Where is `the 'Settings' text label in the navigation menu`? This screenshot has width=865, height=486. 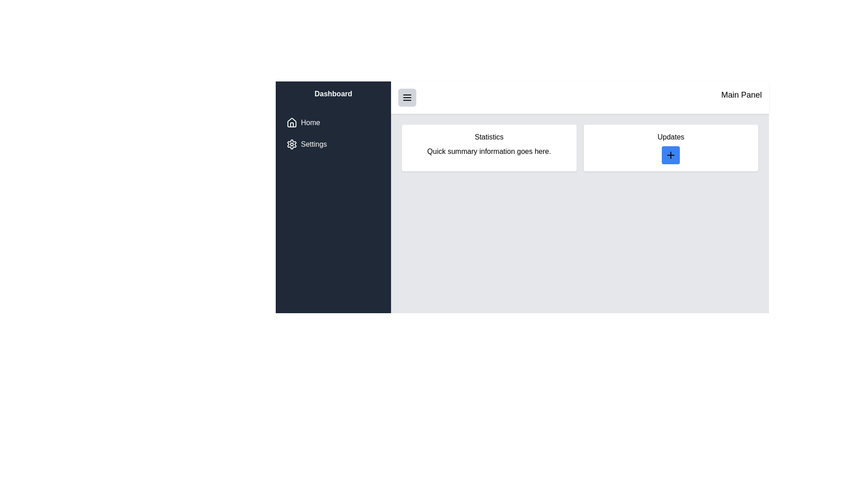 the 'Settings' text label in the navigation menu is located at coordinates (314, 144).